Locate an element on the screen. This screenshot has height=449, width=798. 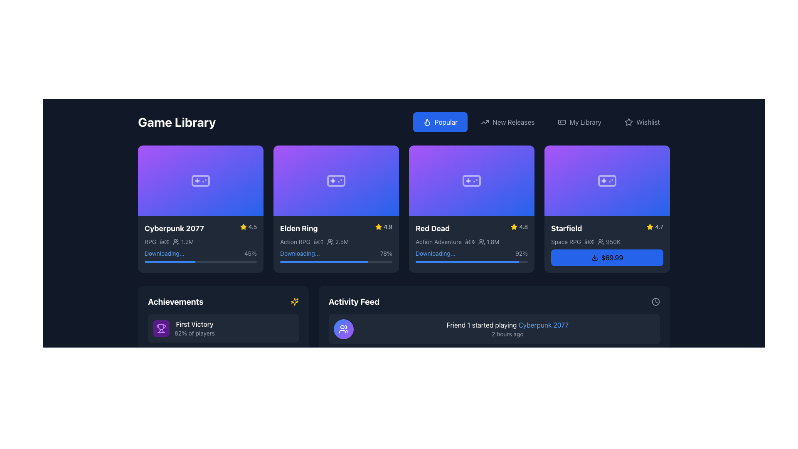
the gray-colored text displaying '92%' in the 'Red Dead' game tile's download status section is located at coordinates (471, 253).